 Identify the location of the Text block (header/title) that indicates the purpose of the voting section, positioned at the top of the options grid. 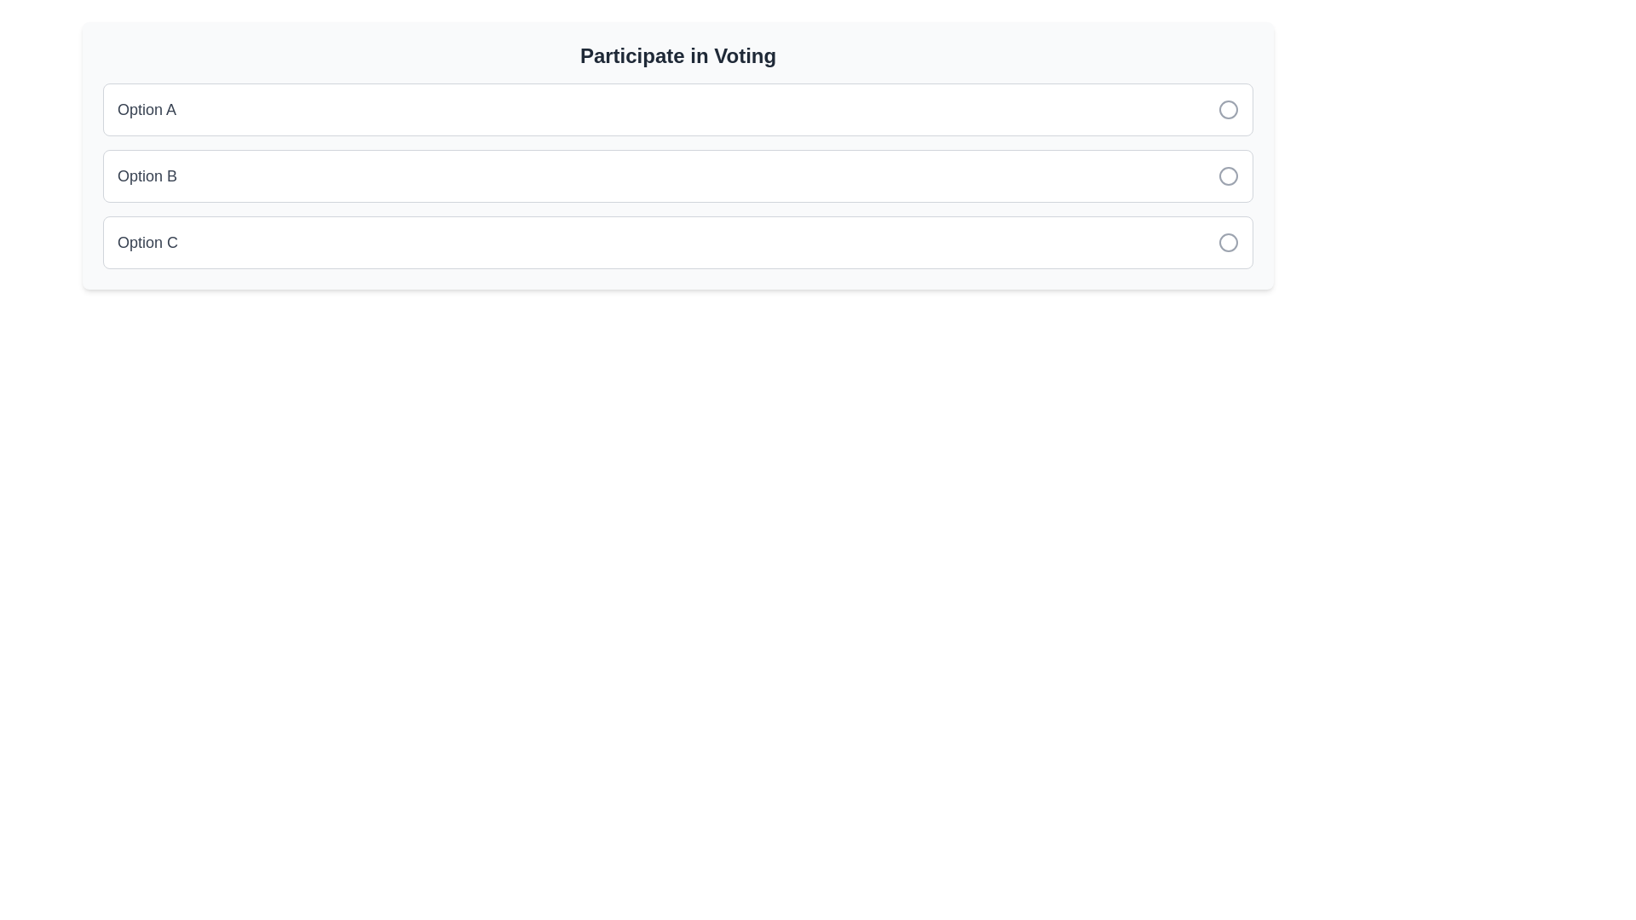
(677, 55).